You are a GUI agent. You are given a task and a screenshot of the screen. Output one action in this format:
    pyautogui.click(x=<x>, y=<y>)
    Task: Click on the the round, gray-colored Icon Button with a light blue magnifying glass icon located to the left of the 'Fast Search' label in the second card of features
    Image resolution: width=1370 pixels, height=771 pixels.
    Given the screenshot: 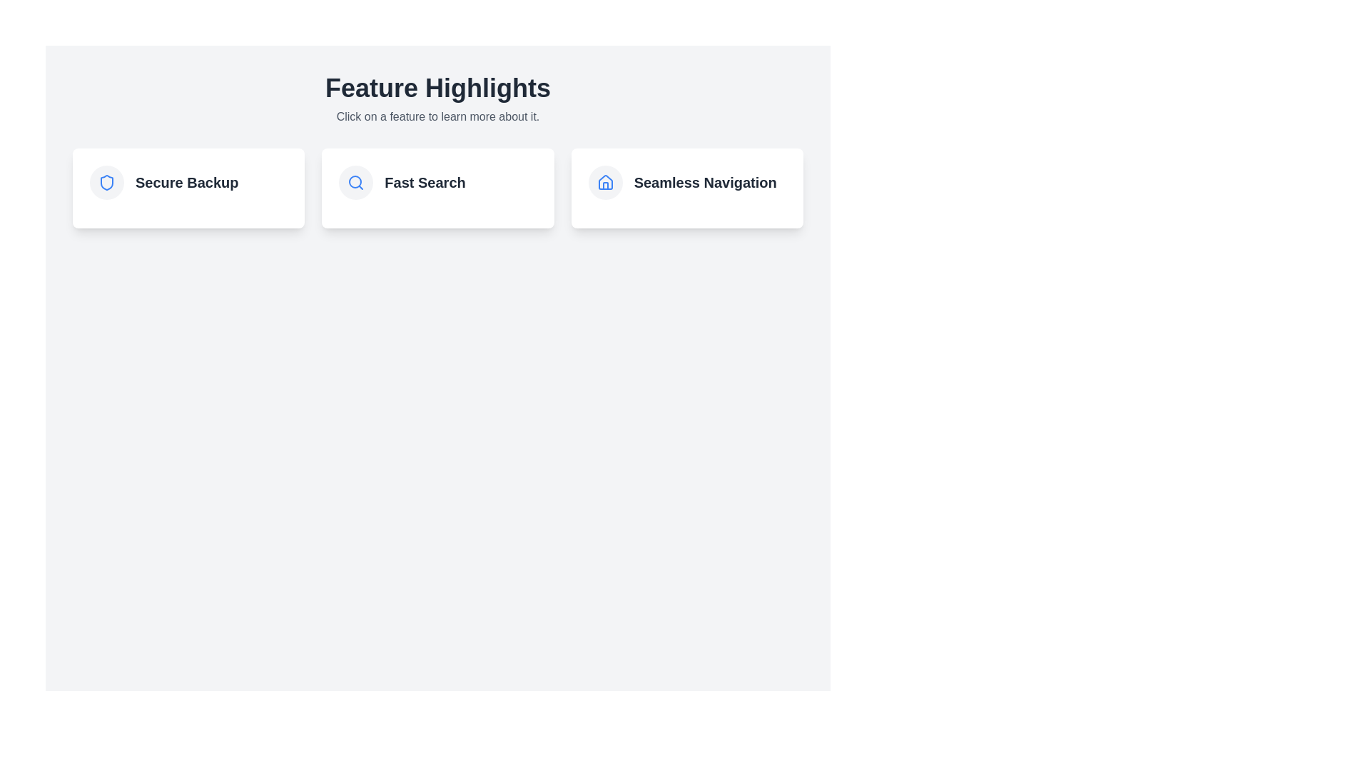 What is the action you would take?
    pyautogui.click(x=356, y=181)
    